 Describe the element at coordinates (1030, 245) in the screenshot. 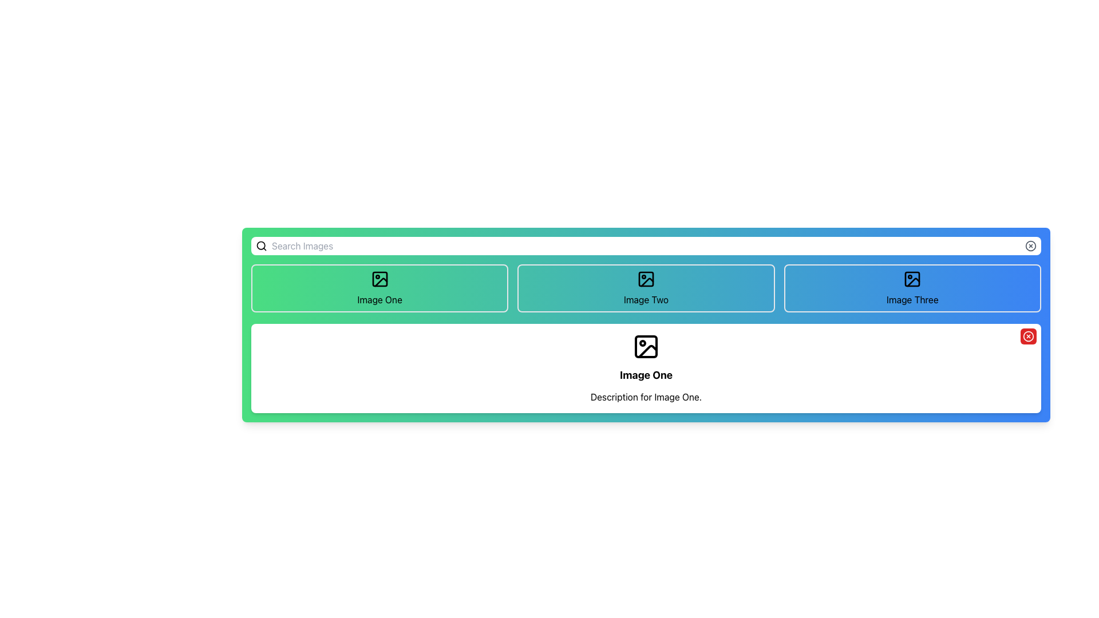

I see `the clear button located at the far right end of the top search bar to clear the text input` at that location.